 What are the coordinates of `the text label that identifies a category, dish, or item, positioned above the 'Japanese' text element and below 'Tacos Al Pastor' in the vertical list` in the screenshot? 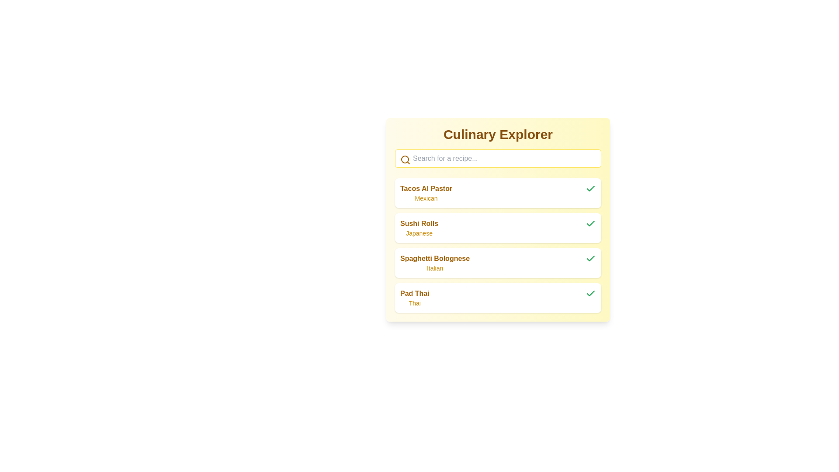 It's located at (419, 223).